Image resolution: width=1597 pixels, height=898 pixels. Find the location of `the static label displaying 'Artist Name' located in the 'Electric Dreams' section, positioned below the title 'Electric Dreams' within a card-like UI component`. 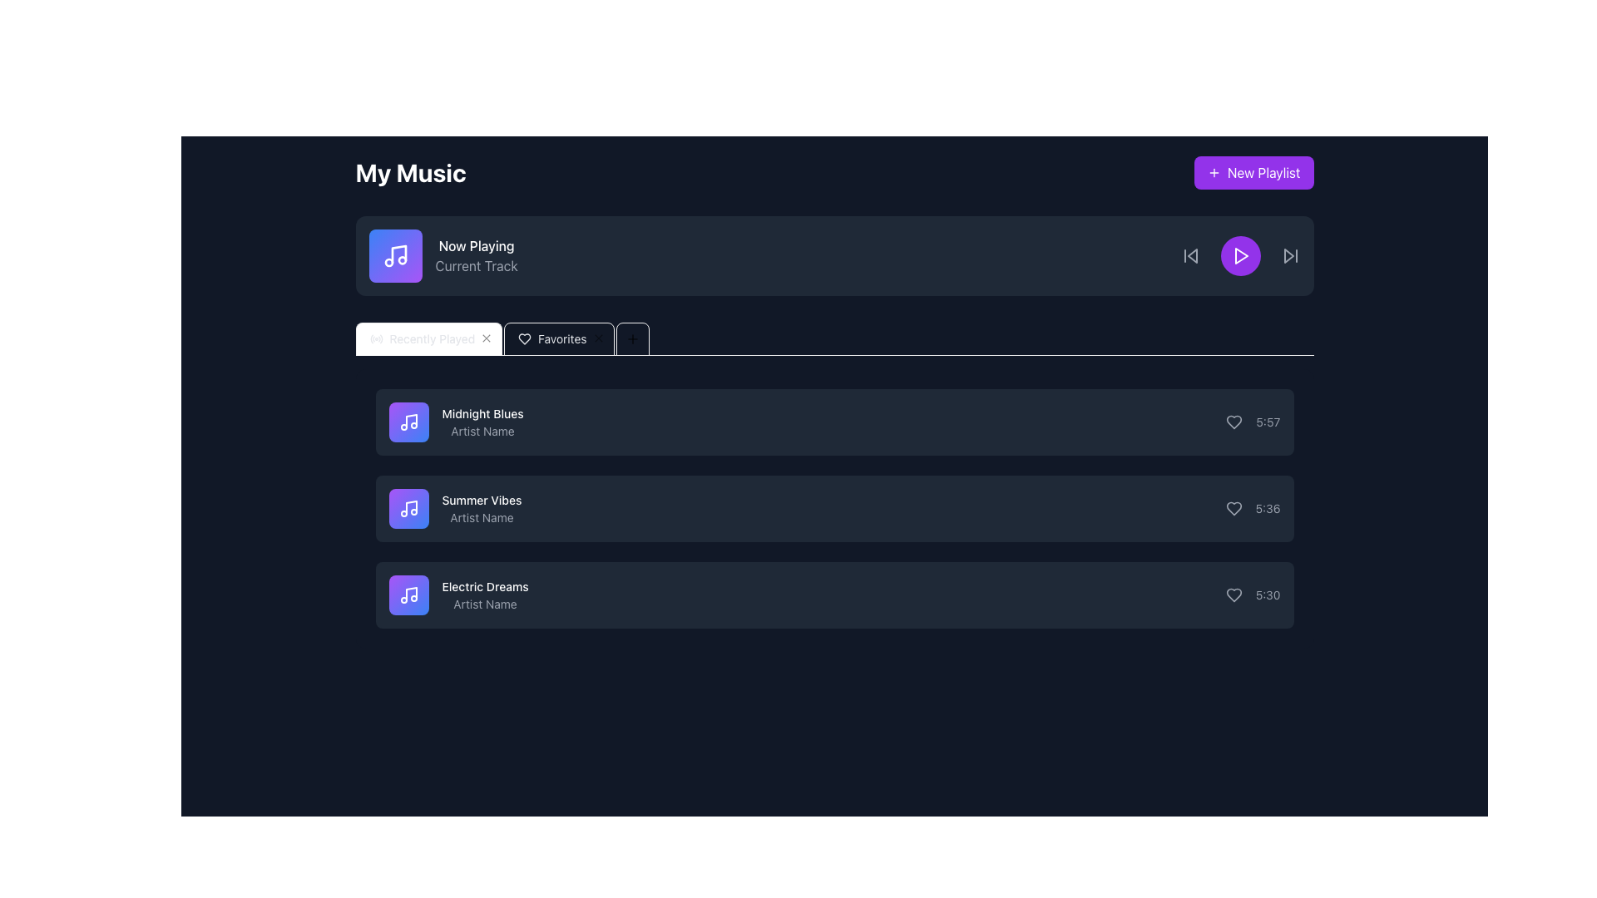

the static label displaying 'Artist Name' located in the 'Electric Dreams' section, positioned below the title 'Electric Dreams' within a card-like UI component is located at coordinates (484, 604).